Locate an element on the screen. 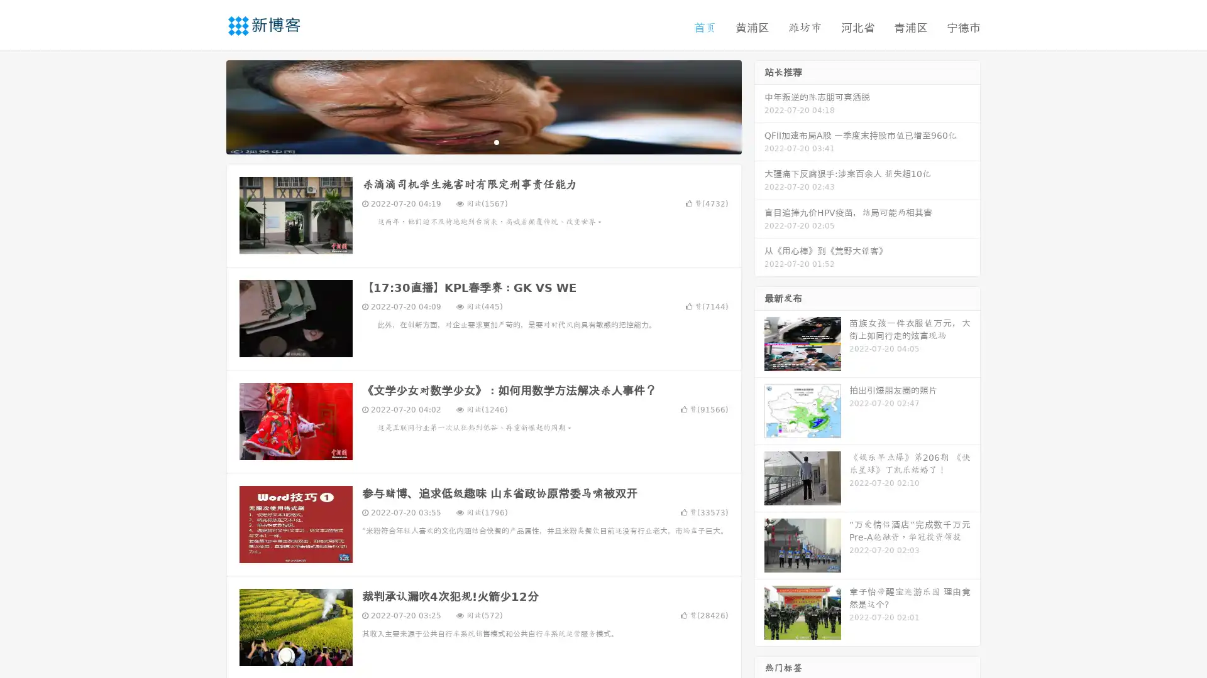  Go to slide 3 is located at coordinates (496, 141).